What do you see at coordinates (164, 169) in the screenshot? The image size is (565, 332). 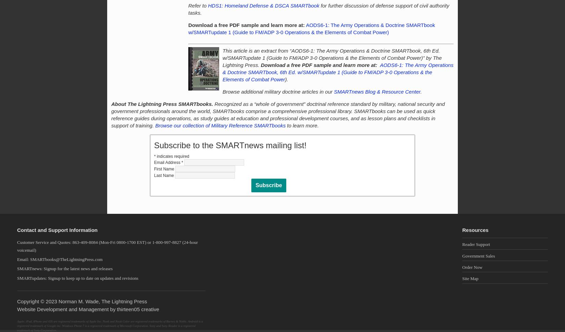 I see `'First Name'` at bounding box center [164, 169].